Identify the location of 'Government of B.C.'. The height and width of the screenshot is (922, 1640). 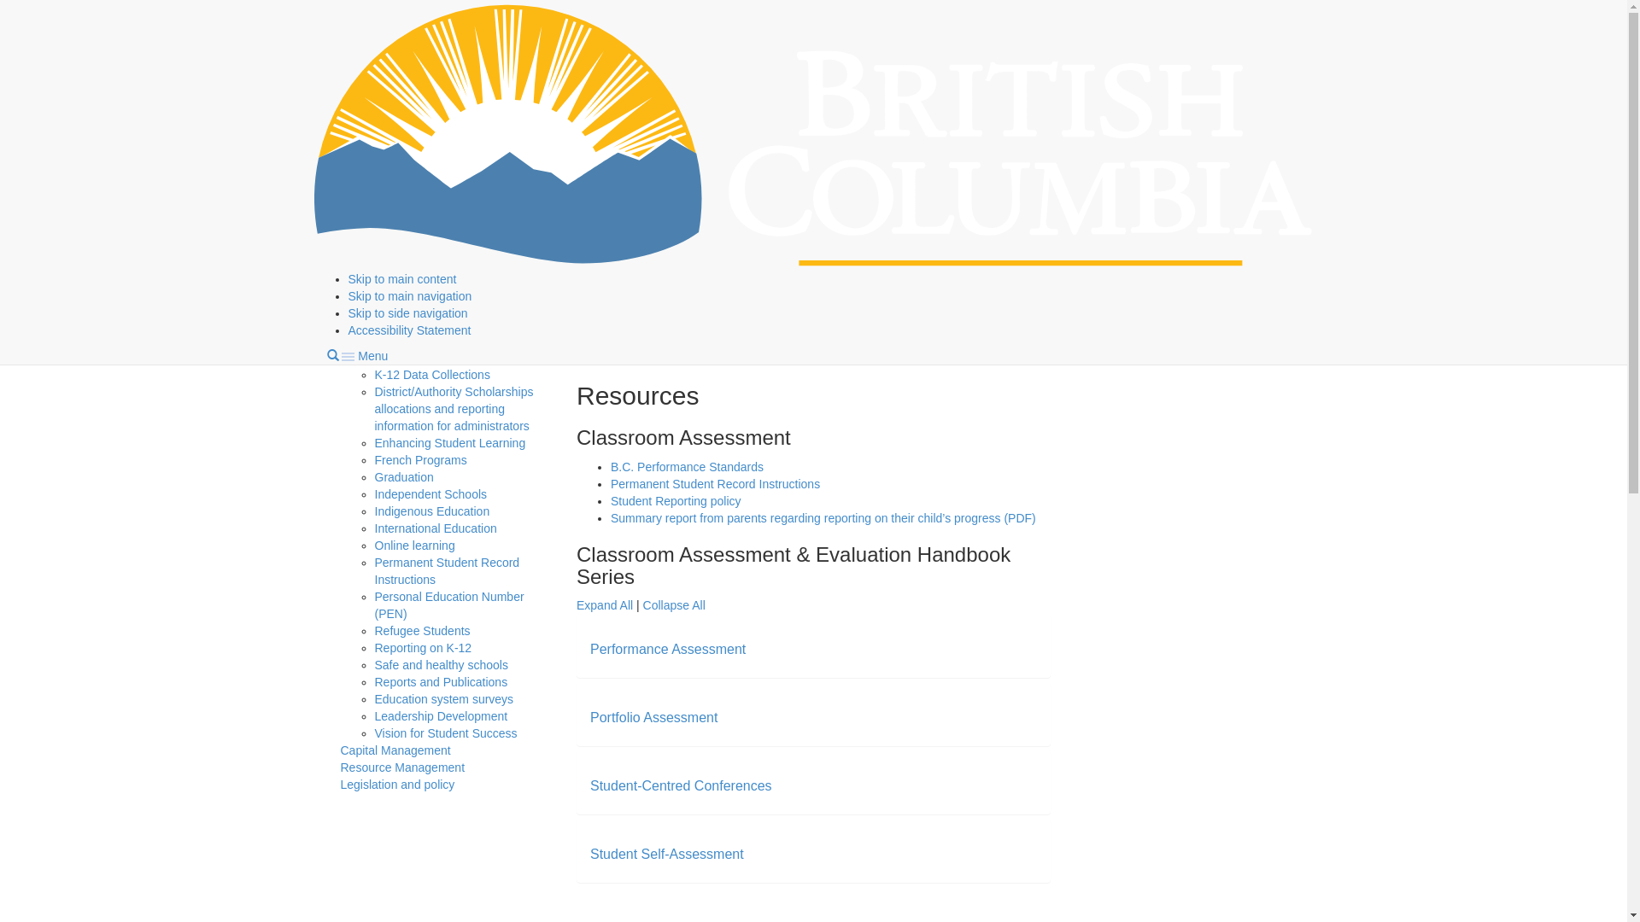
(379, 68).